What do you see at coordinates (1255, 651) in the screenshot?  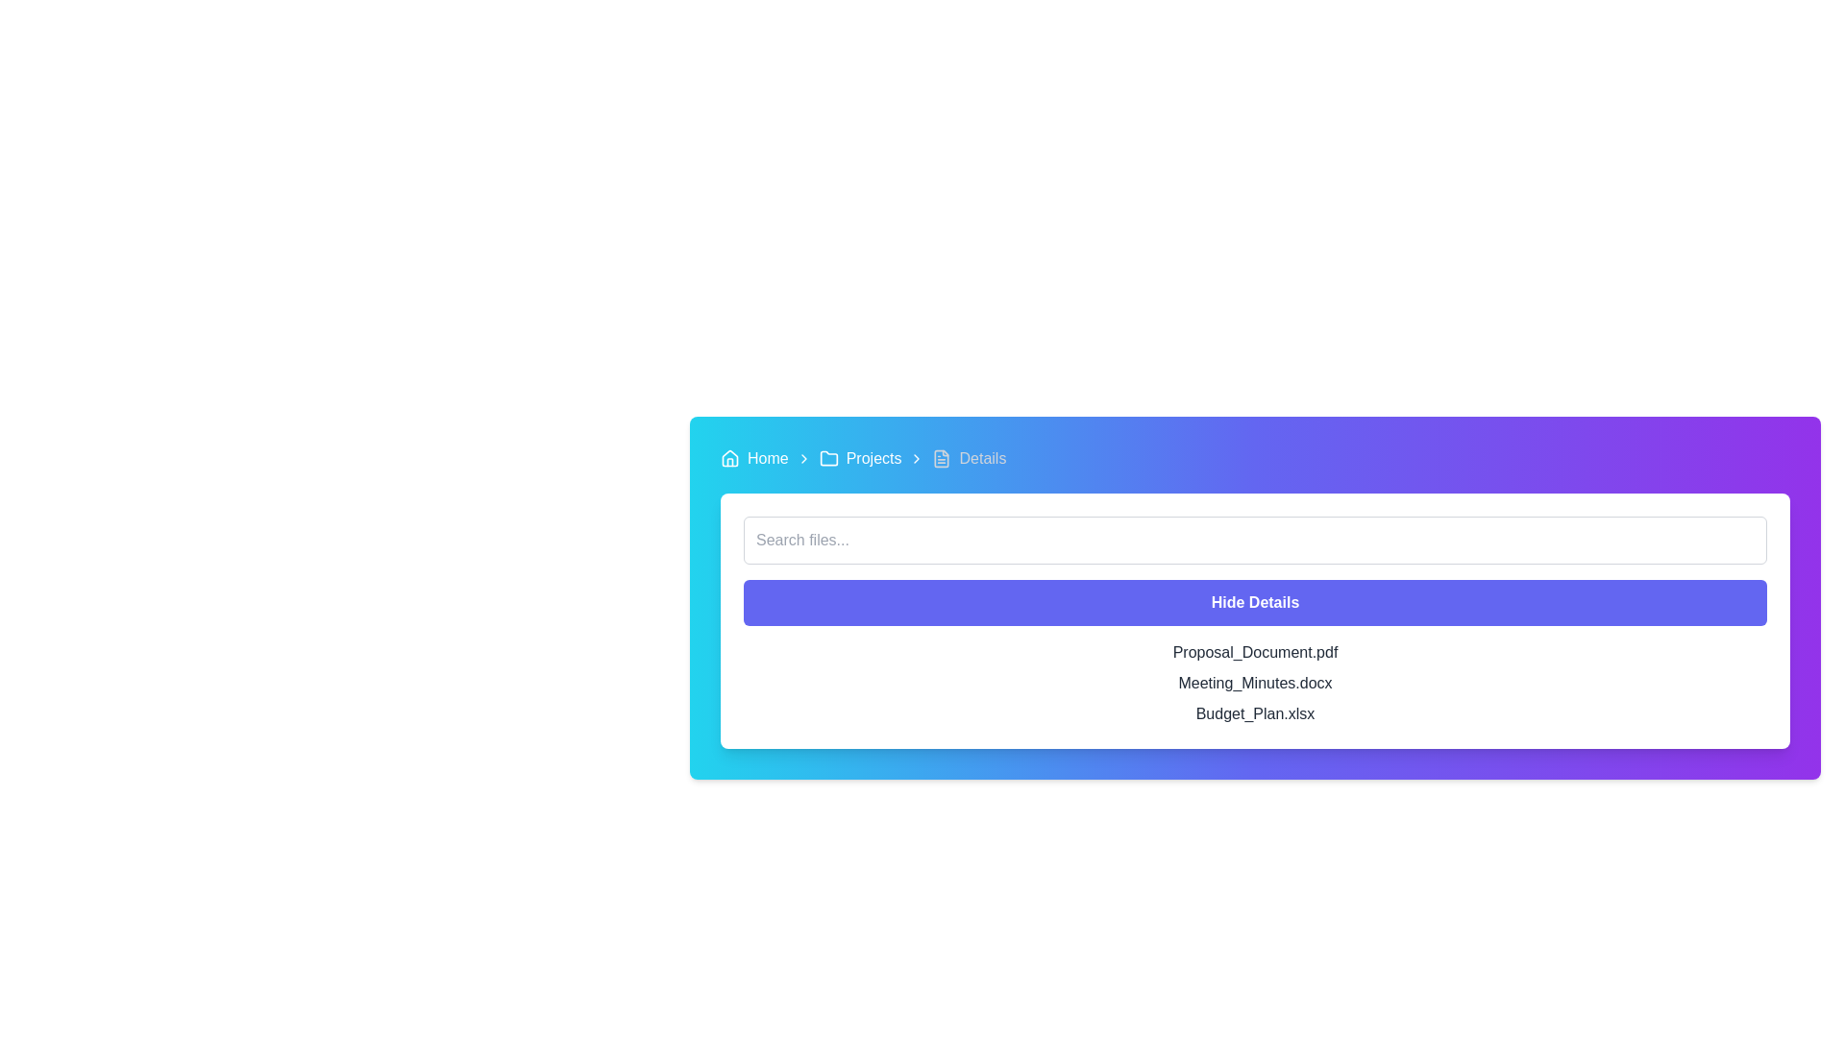 I see `the text label reading 'Proposal_Document.pdf'` at bounding box center [1255, 651].